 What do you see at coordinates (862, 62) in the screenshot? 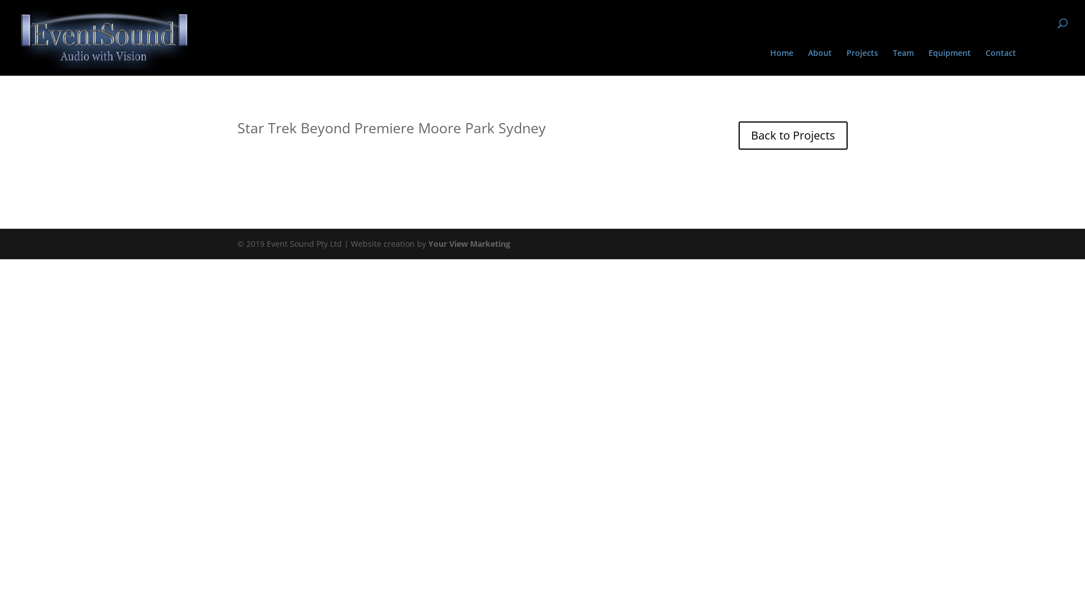
I see `'Projects'` at bounding box center [862, 62].